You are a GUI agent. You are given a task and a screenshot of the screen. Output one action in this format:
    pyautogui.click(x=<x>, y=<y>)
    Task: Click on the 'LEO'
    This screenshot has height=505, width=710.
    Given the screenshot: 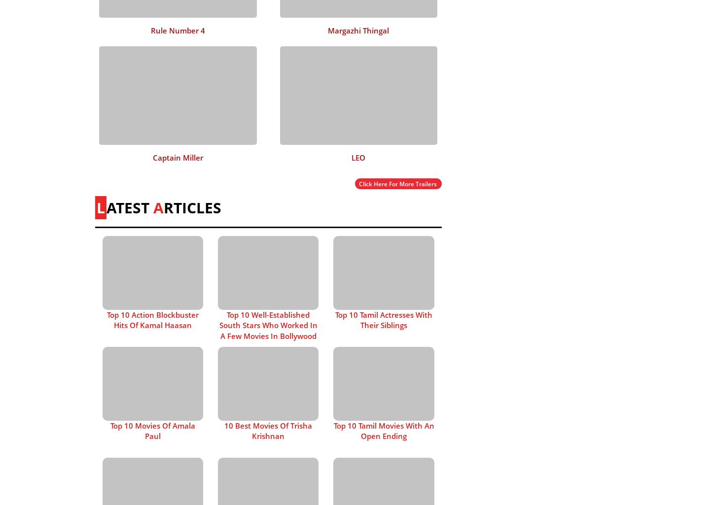 What is the action you would take?
    pyautogui.click(x=358, y=157)
    